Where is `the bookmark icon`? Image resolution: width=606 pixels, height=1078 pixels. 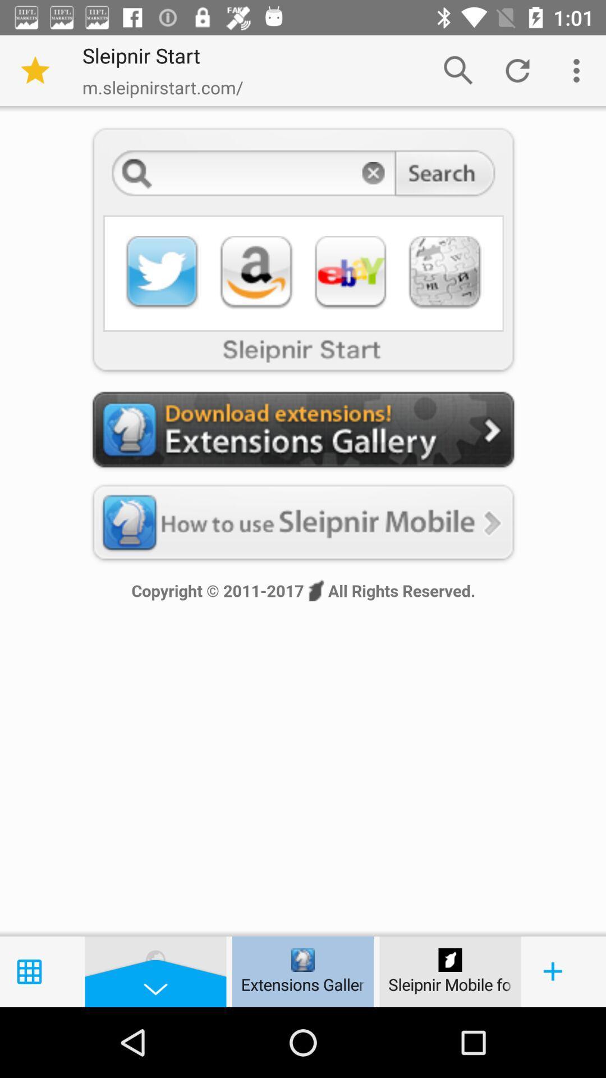 the bookmark icon is located at coordinates (35, 70).